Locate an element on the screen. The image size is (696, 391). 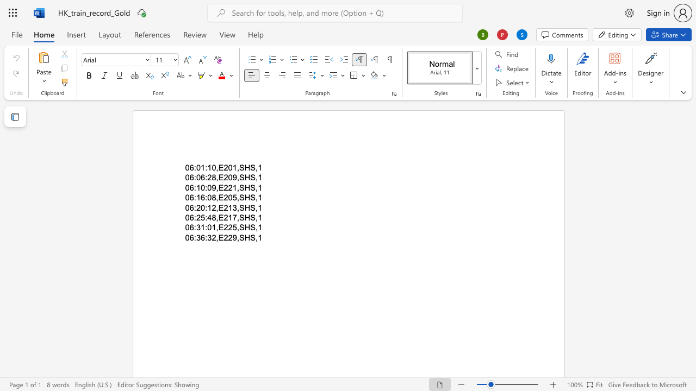
the space between the continuous character "5" and ":" in the text is located at coordinates (204, 218).